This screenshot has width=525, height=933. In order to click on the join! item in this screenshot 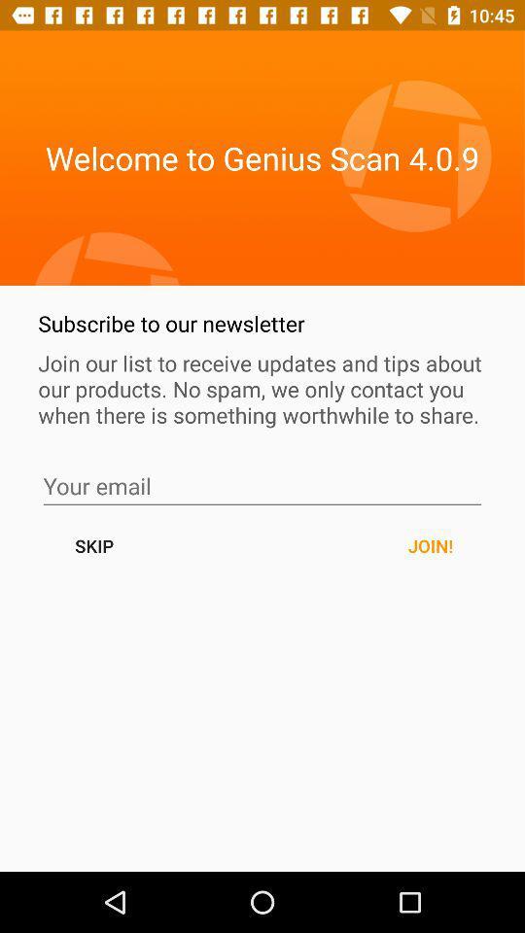, I will do `click(430, 545)`.